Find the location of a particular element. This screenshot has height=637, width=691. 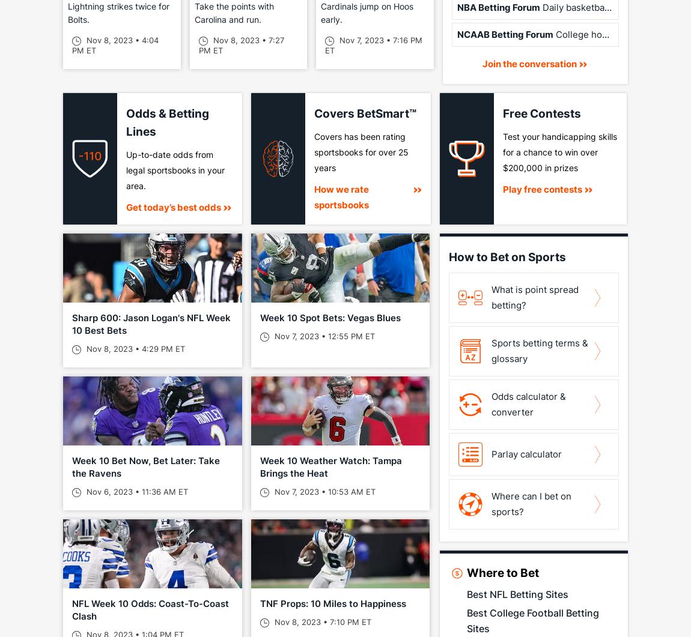

'Take the points with Carolina and run.' is located at coordinates (234, 13).